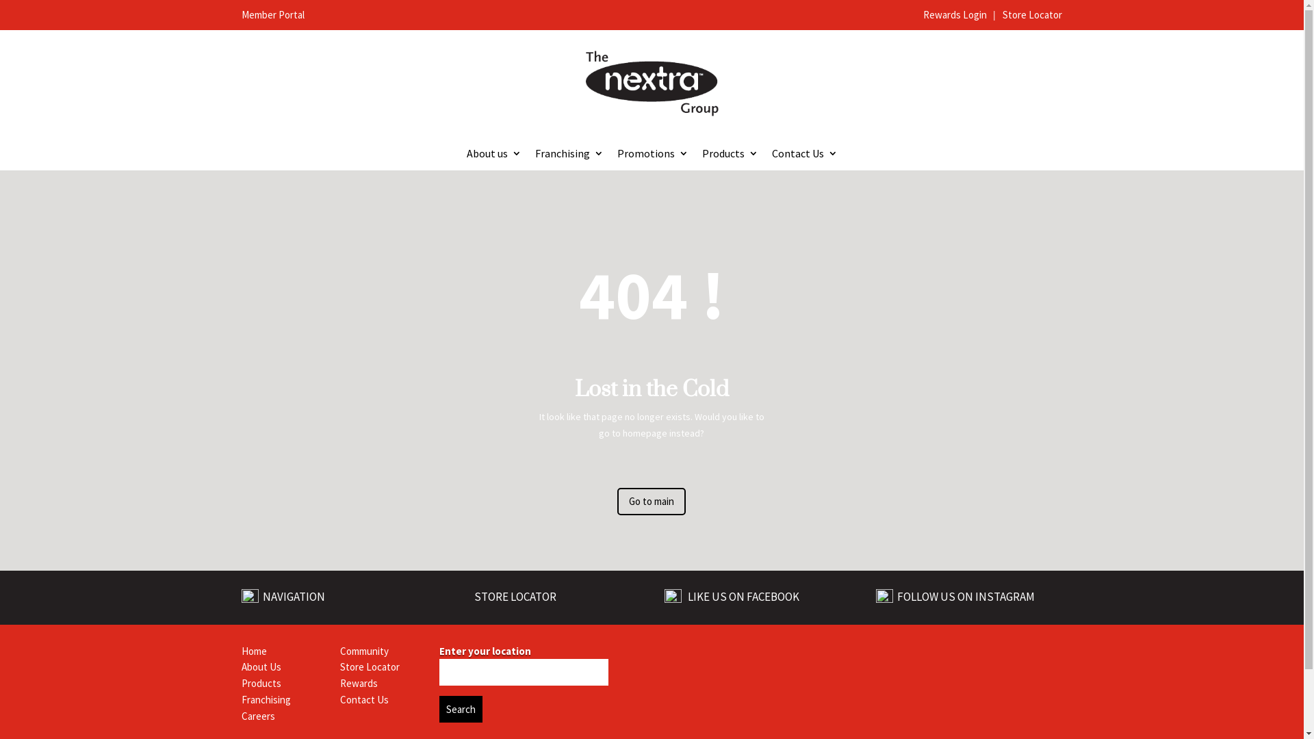 The width and height of the screenshot is (1314, 739). I want to click on 'Go to main', so click(650, 501).